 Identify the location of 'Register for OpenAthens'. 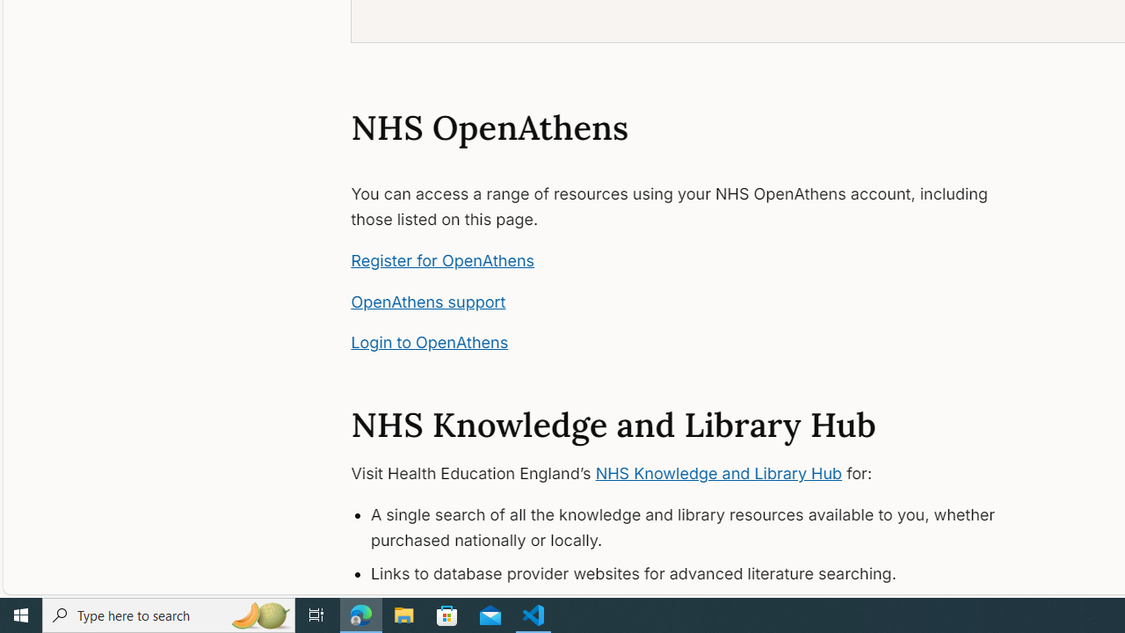
(443, 259).